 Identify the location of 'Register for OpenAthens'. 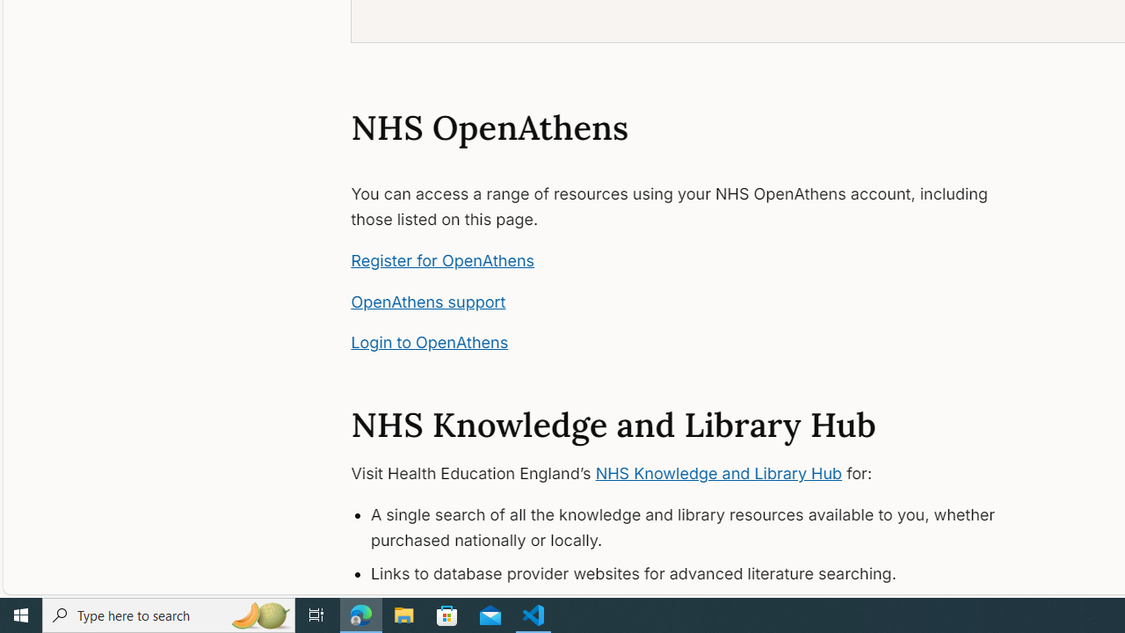
(443, 259).